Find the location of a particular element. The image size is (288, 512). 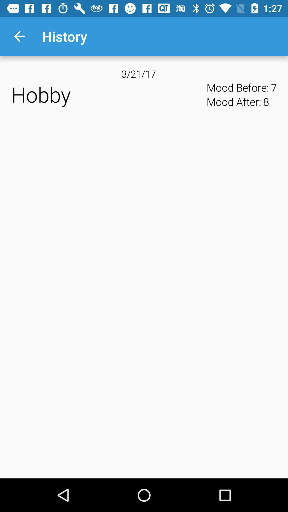

app next to mood before: icon is located at coordinates (144, 73).